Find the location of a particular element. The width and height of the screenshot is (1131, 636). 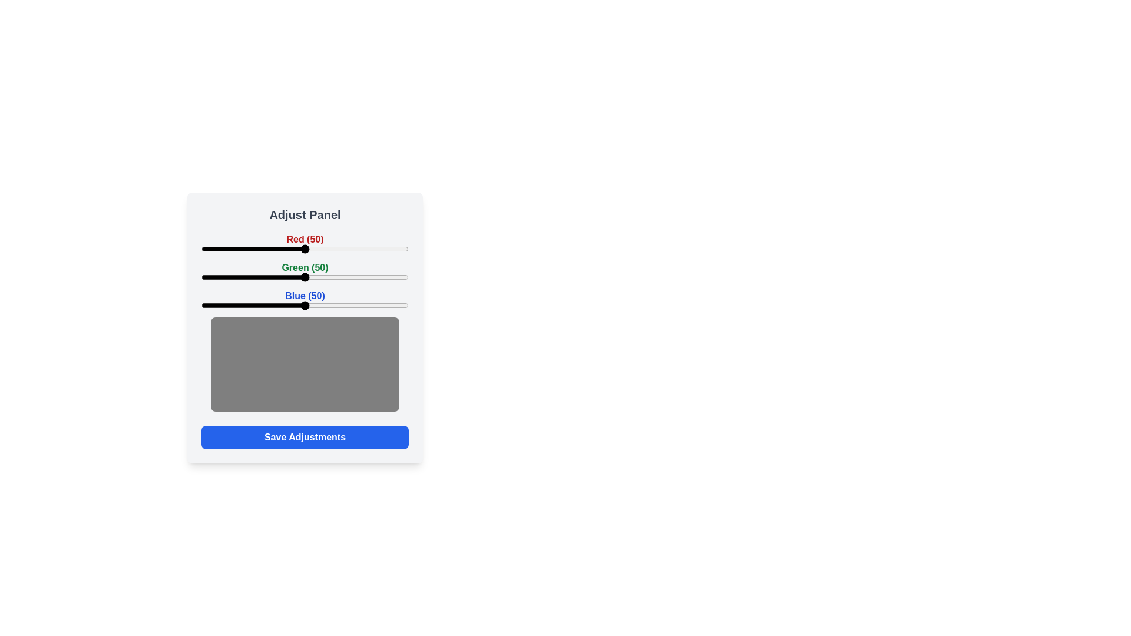

the red slider to 58 is located at coordinates (322, 249).